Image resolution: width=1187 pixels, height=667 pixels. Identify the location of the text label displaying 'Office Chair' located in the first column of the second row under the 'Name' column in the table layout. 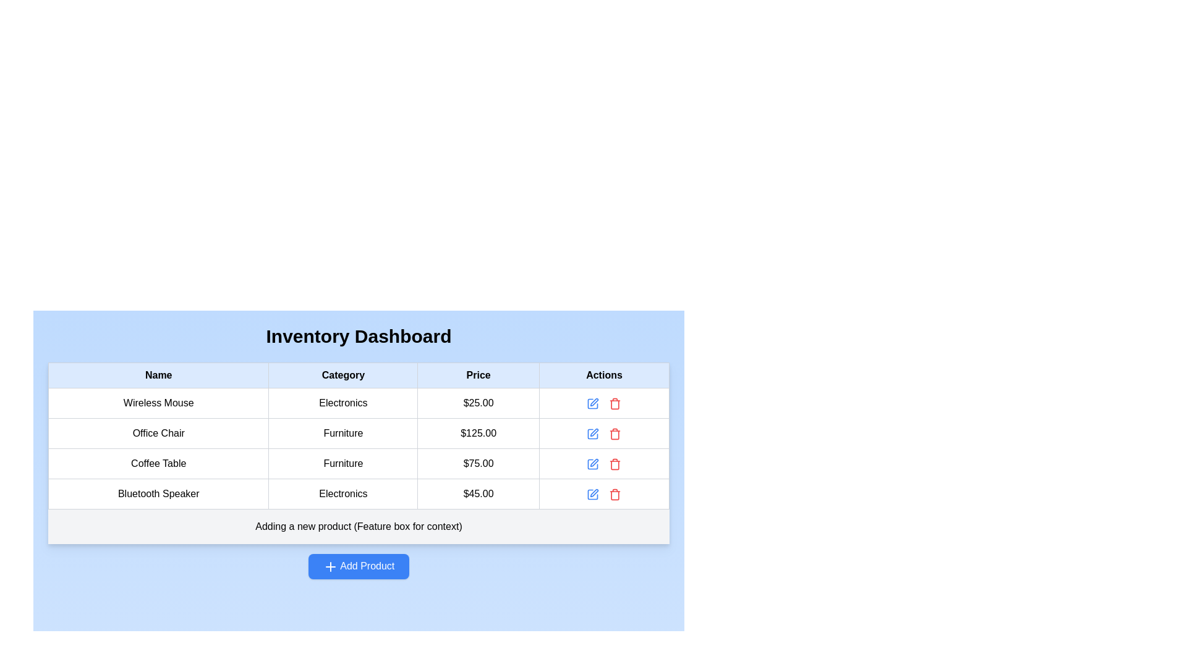
(158, 433).